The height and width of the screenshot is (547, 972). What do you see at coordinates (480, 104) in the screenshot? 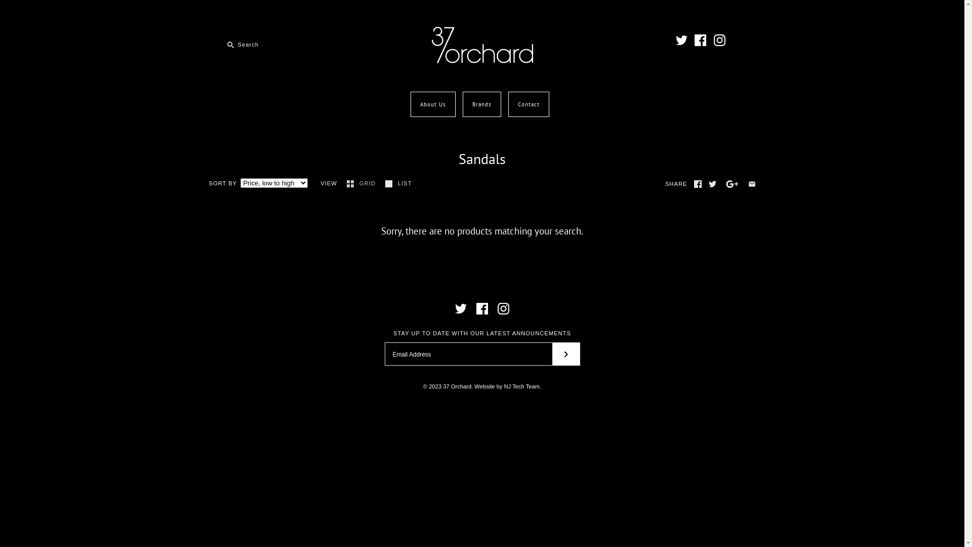
I see `'Brands'` at bounding box center [480, 104].